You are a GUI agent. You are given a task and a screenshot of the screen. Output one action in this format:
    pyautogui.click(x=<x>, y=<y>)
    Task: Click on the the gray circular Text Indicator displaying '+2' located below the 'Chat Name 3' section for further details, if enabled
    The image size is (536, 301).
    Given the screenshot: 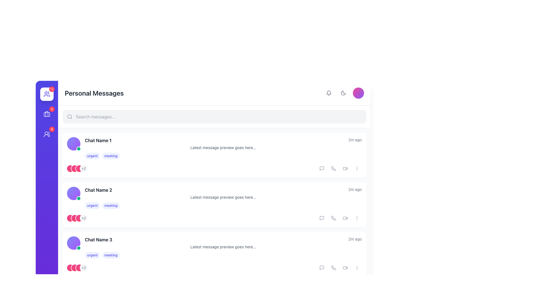 What is the action you would take?
    pyautogui.click(x=83, y=267)
    